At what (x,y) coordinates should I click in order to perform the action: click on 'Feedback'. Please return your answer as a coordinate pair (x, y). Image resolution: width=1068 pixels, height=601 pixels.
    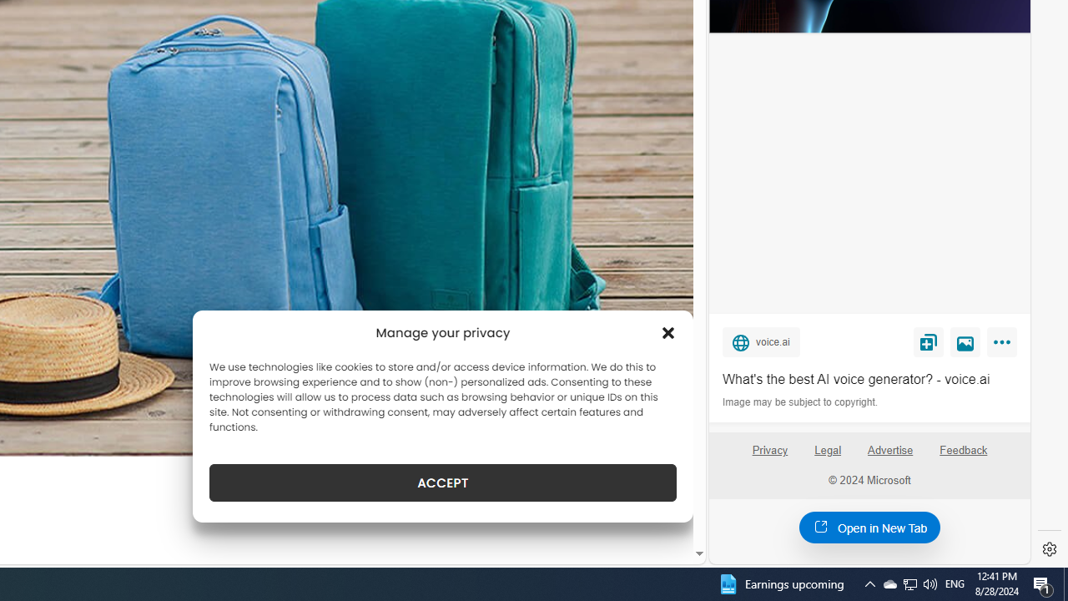
    Looking at the image, I should click on (964, 457).